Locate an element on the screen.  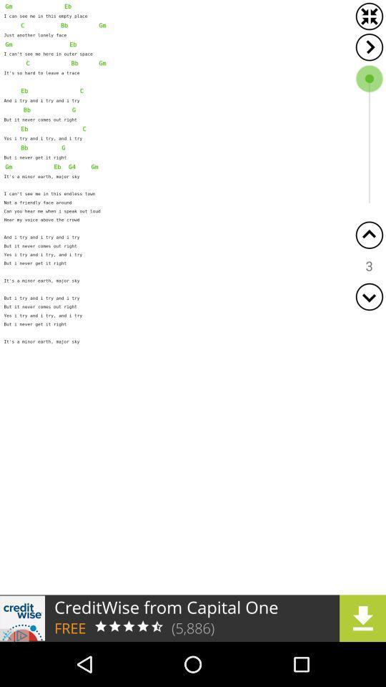
the arrow_forward icon is located at coordinates (369, 47).